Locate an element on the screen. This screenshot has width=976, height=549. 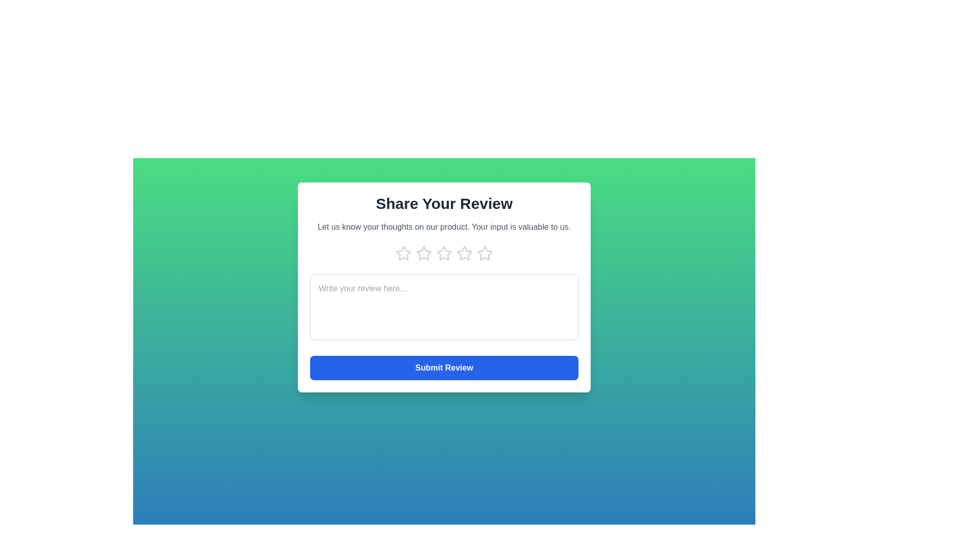
the textarea and type the review text is located at coordinates (444, 307).